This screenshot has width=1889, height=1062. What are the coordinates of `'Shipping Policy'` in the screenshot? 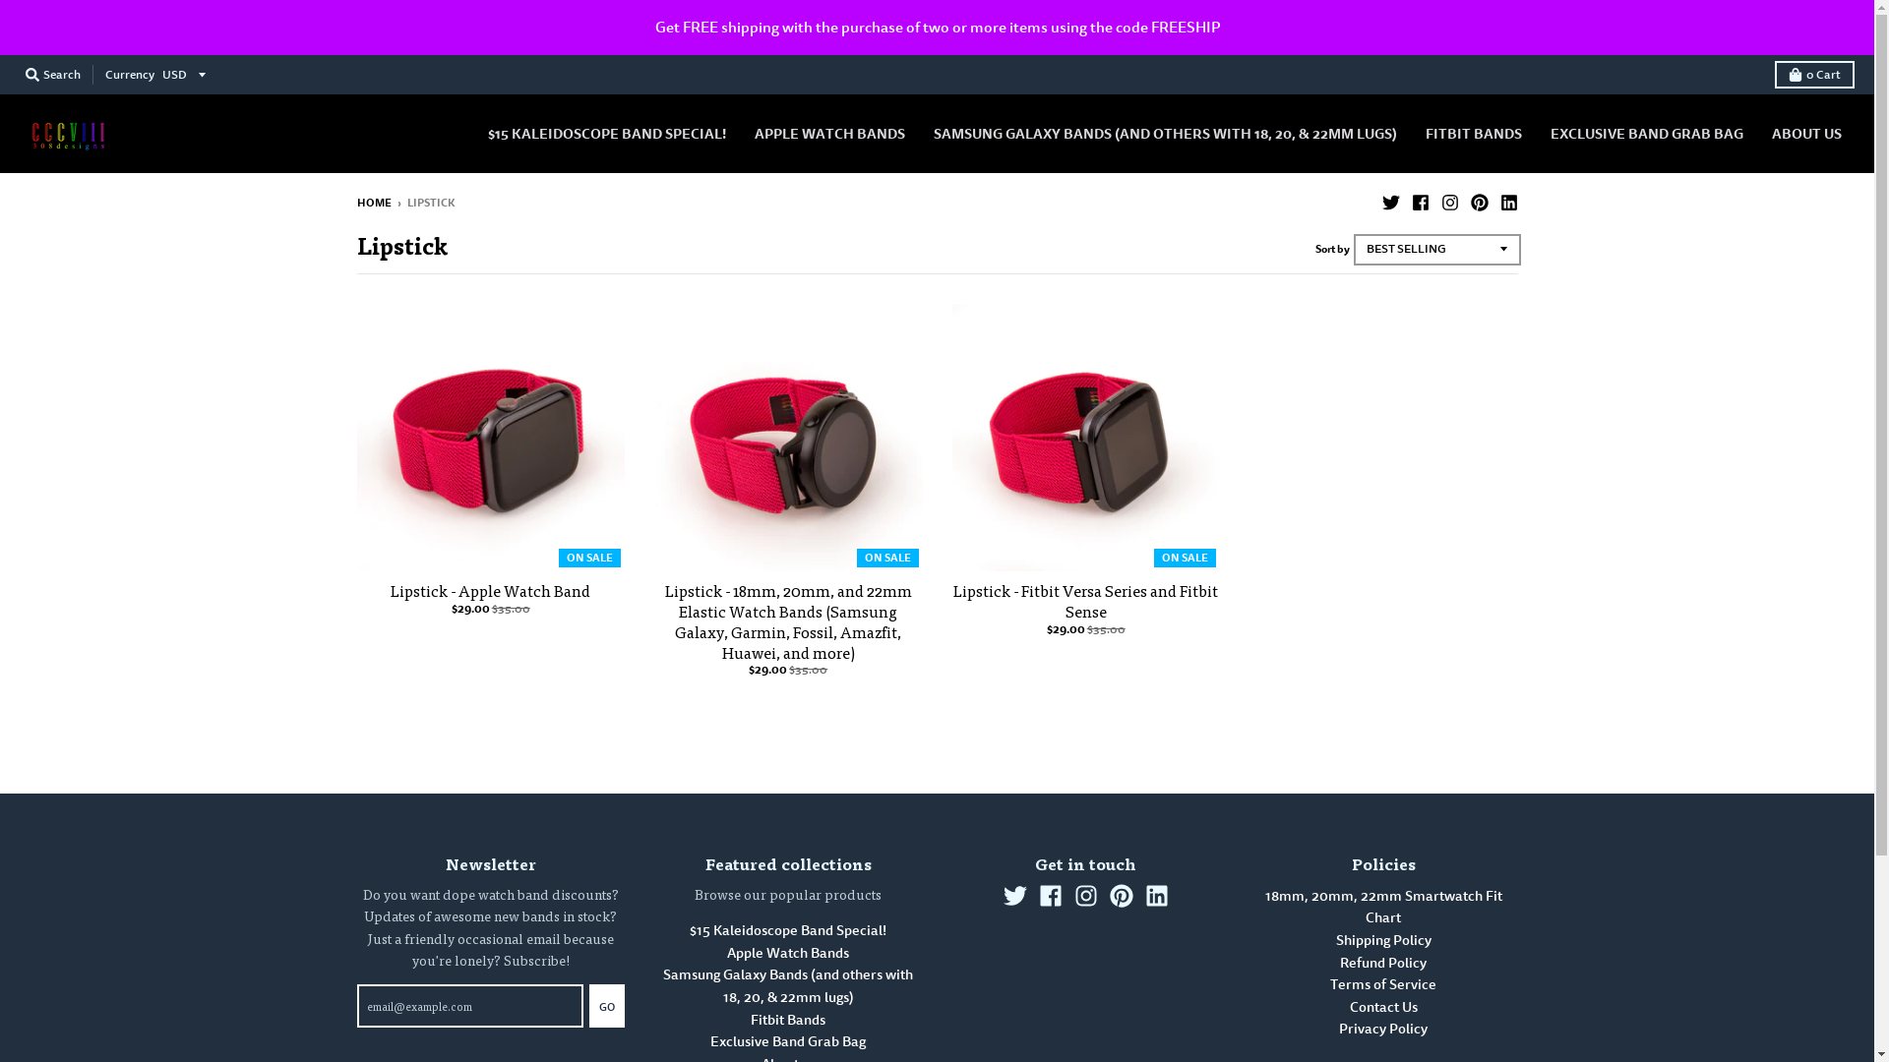 It's located at (1382, 939).